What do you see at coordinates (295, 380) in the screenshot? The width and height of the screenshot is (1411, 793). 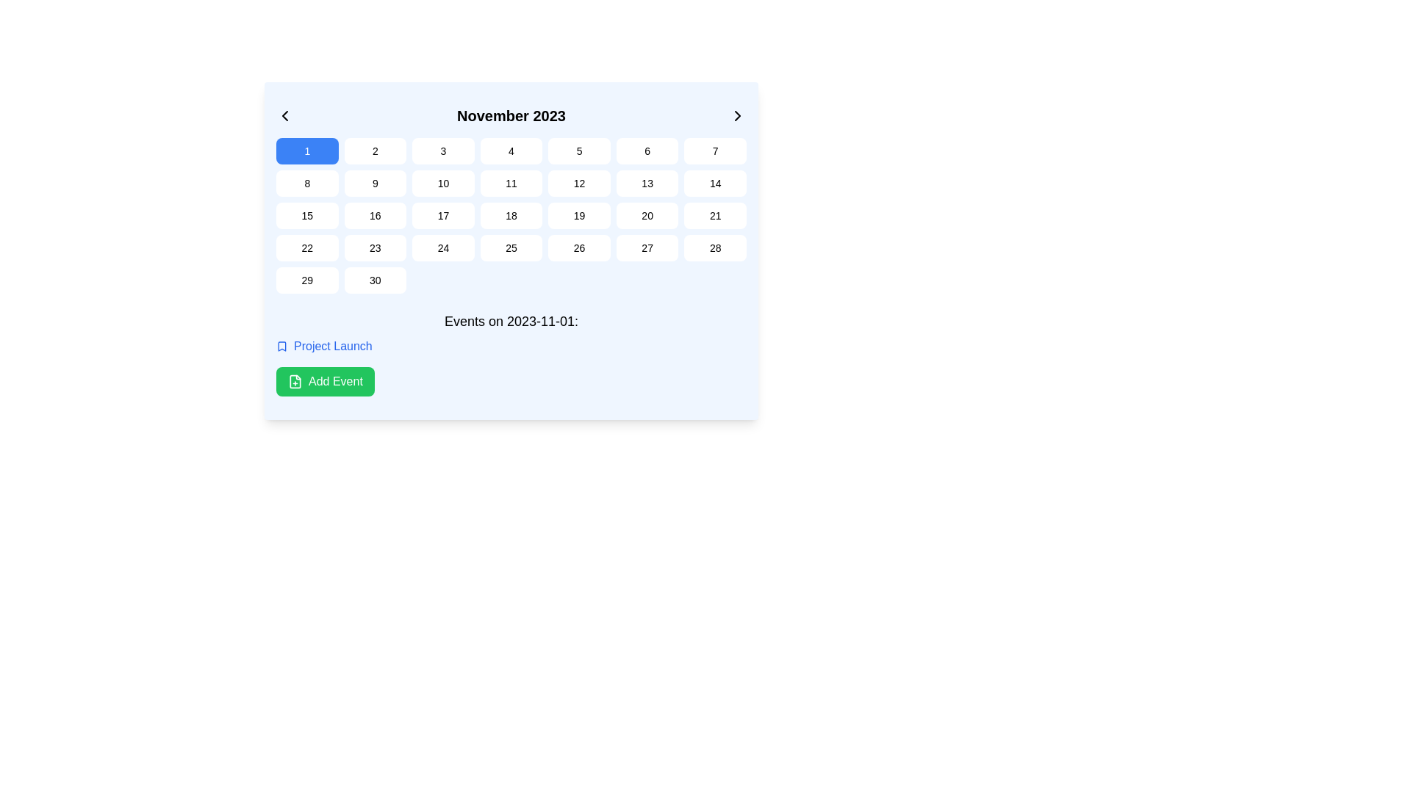 I see `the file icon that symbolizes adding a new event in the calendar, located within the 'Add Event' button` at bounding box center [295, 380].